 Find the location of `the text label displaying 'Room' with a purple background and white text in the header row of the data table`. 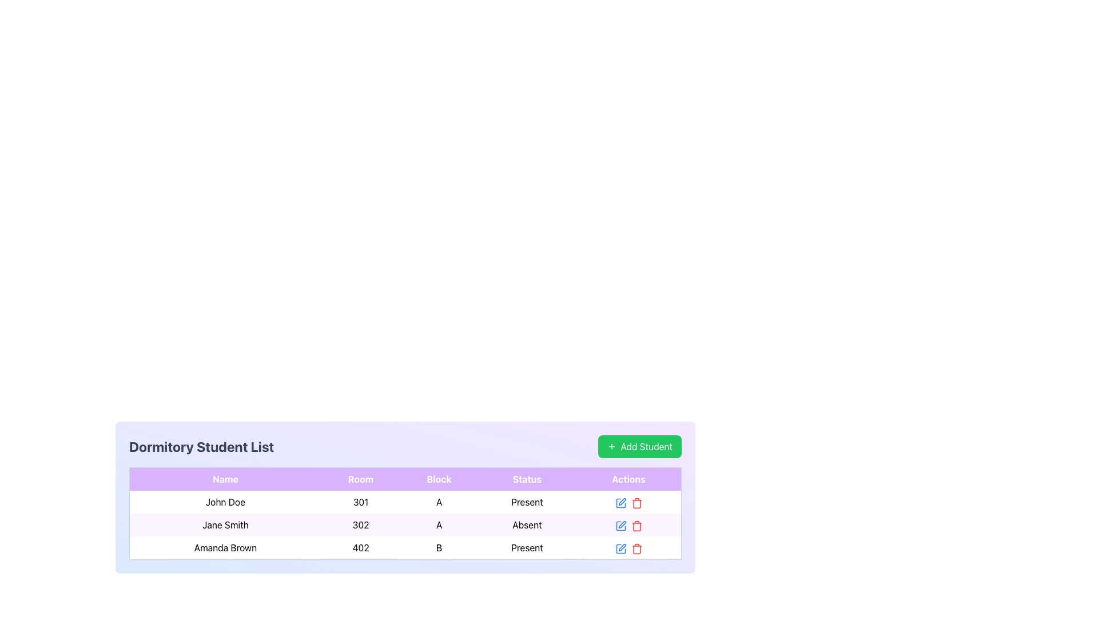

the text label displaying 'Room' with a purple background and white text in the header row of the data table is located at coordinates (360, 479).